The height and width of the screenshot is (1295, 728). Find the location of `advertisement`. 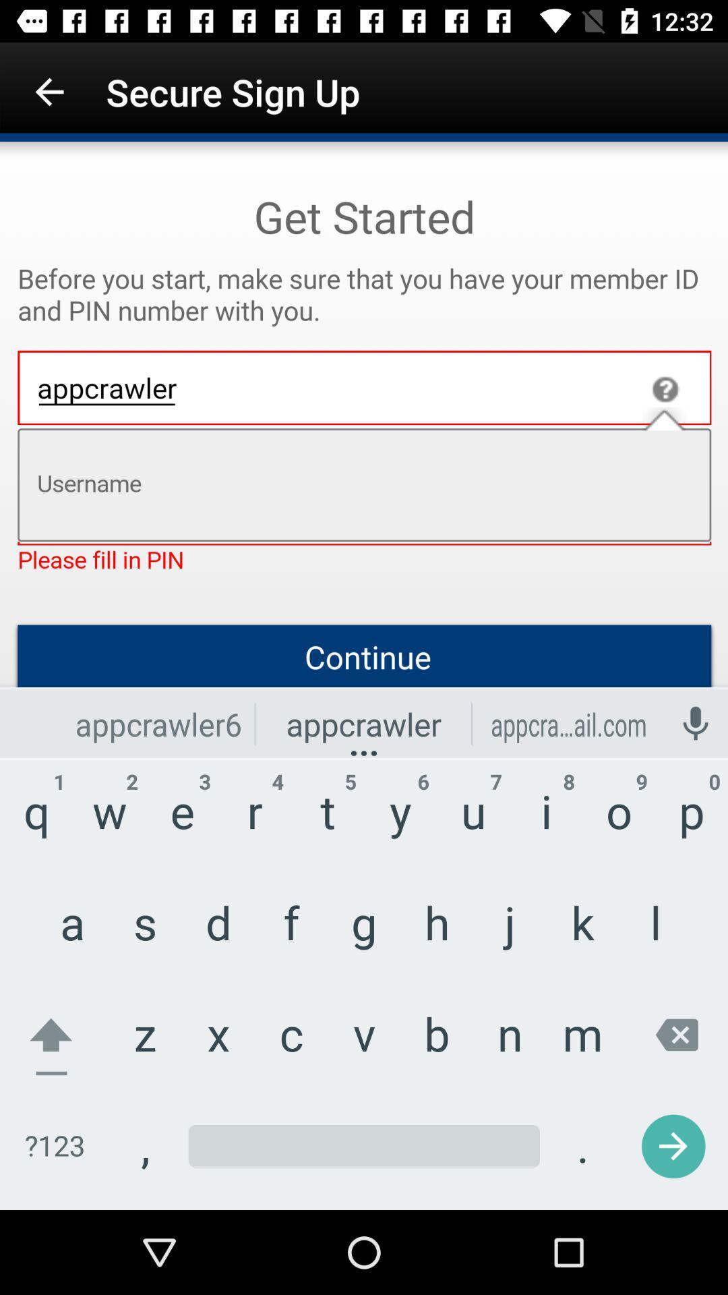

advertisement is located at coordinates (364, 676).